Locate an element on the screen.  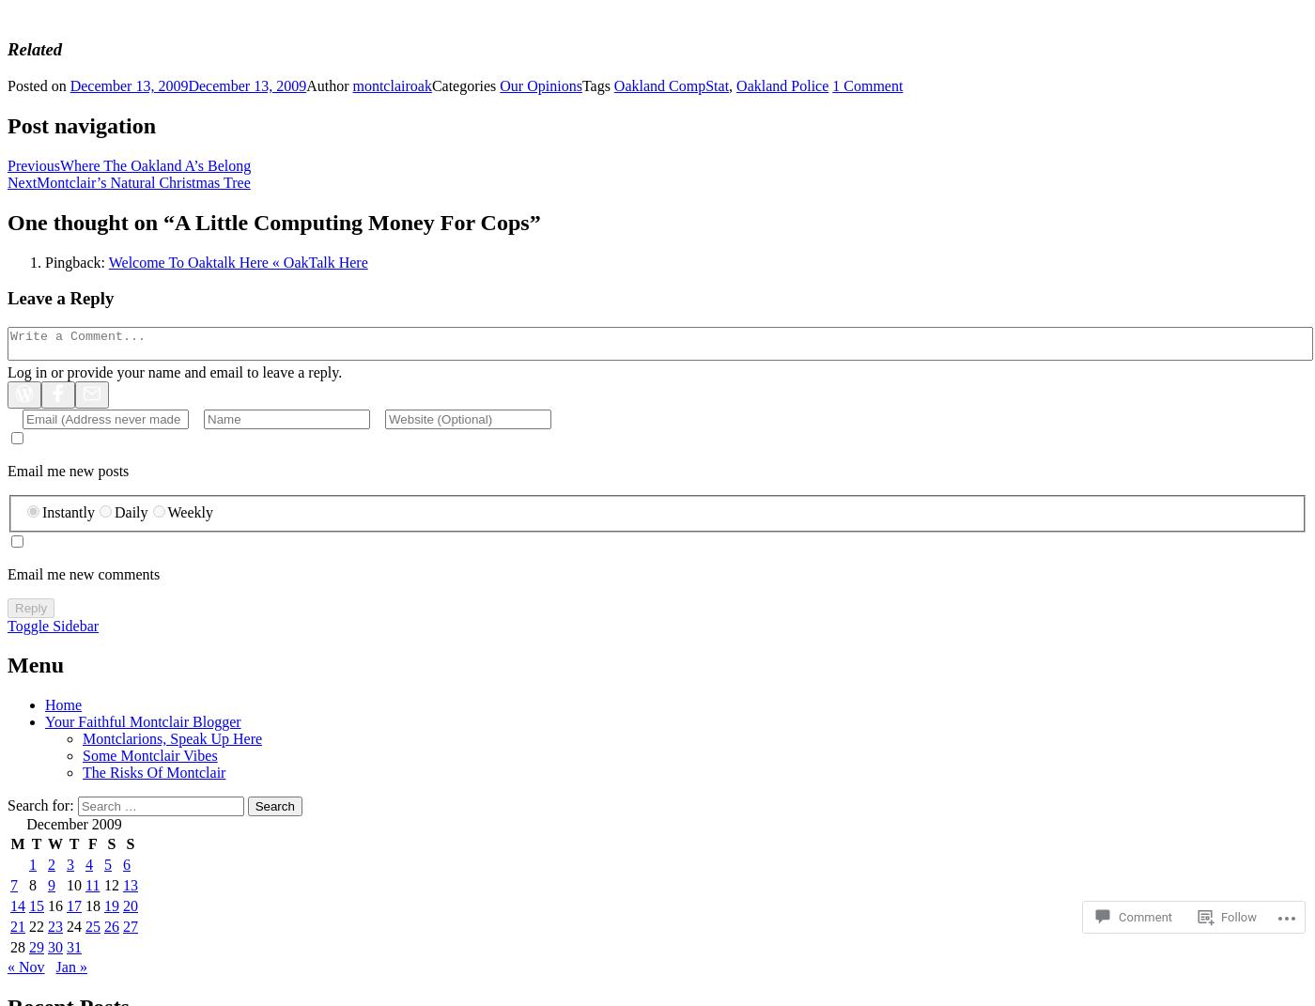
'Posted on' is located at coordinates (37, 85).